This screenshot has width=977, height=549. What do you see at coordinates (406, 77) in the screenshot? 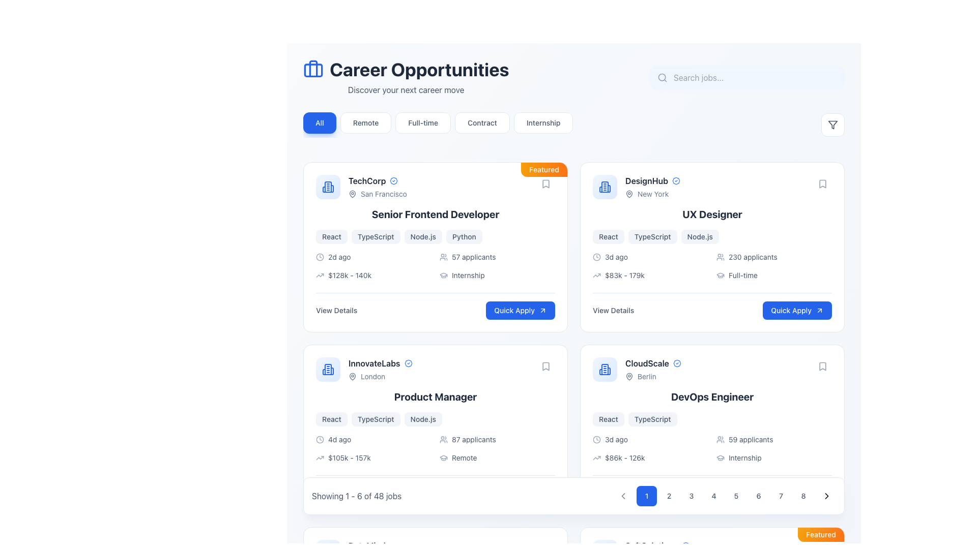
I see `the main header Text element that displays career opportunities, which features blue iconography and large typography, located at the top central area of the interface` at bounding box center [406, 77].